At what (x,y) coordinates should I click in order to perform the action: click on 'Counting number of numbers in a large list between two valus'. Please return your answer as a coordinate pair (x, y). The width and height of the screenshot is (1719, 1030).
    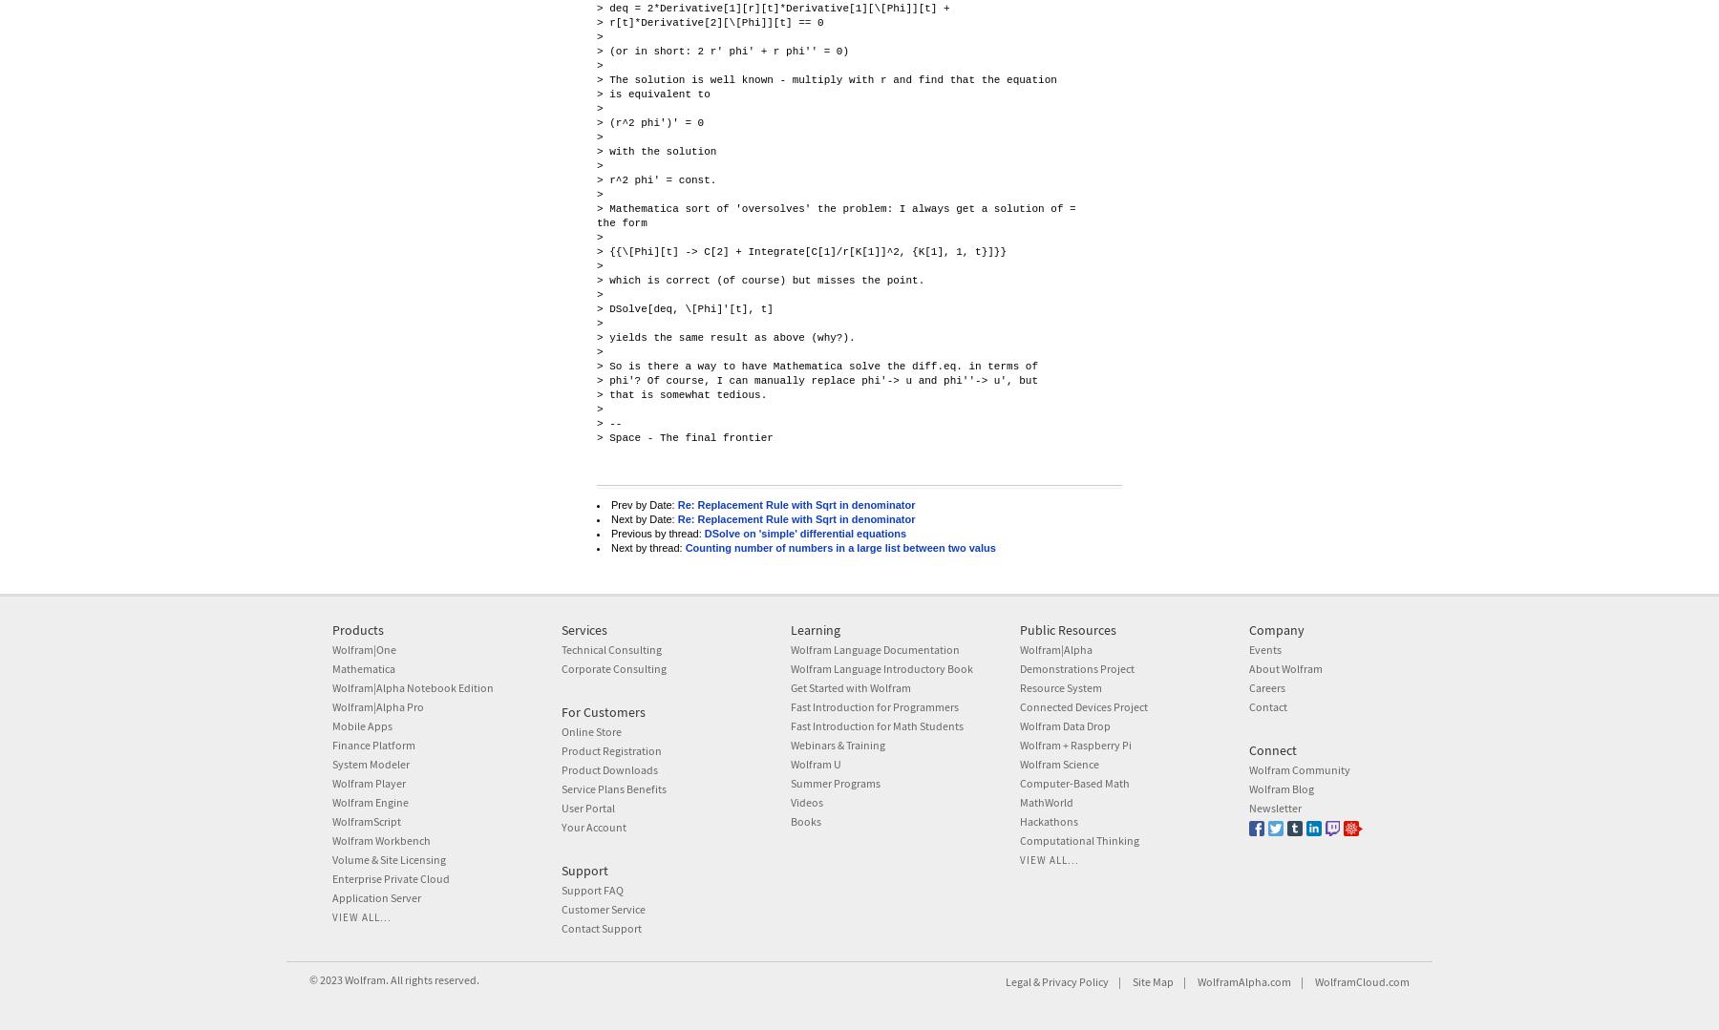
    Looking at the image, I should click on (839, 547).